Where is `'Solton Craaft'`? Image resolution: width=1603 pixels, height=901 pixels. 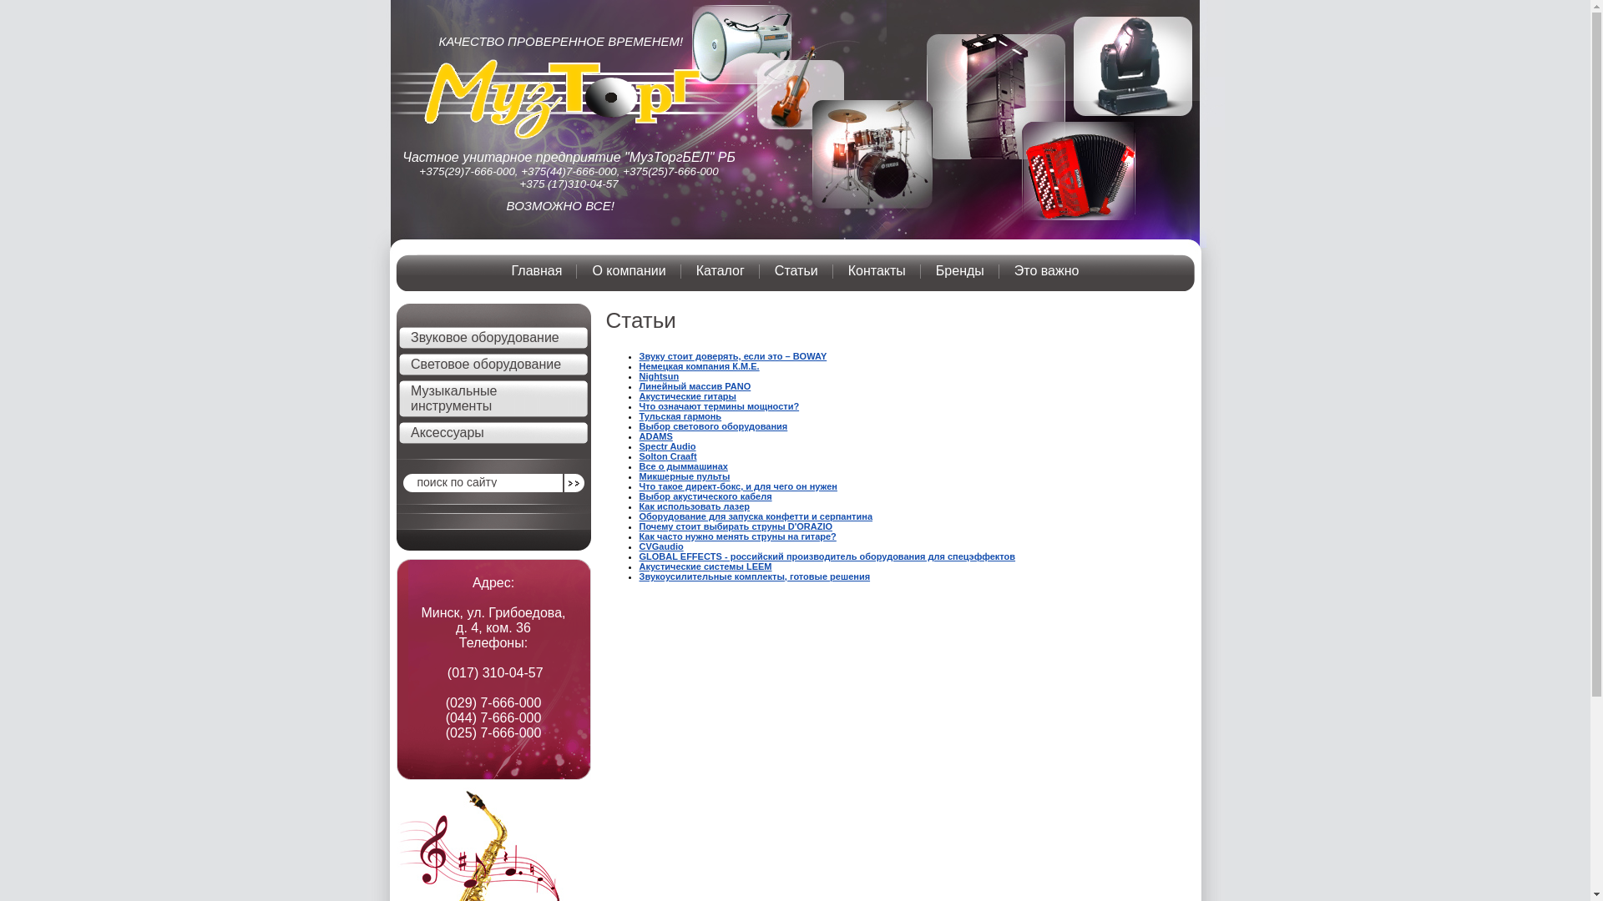
'Solton Craaft' is located at coordinates (668, 456).